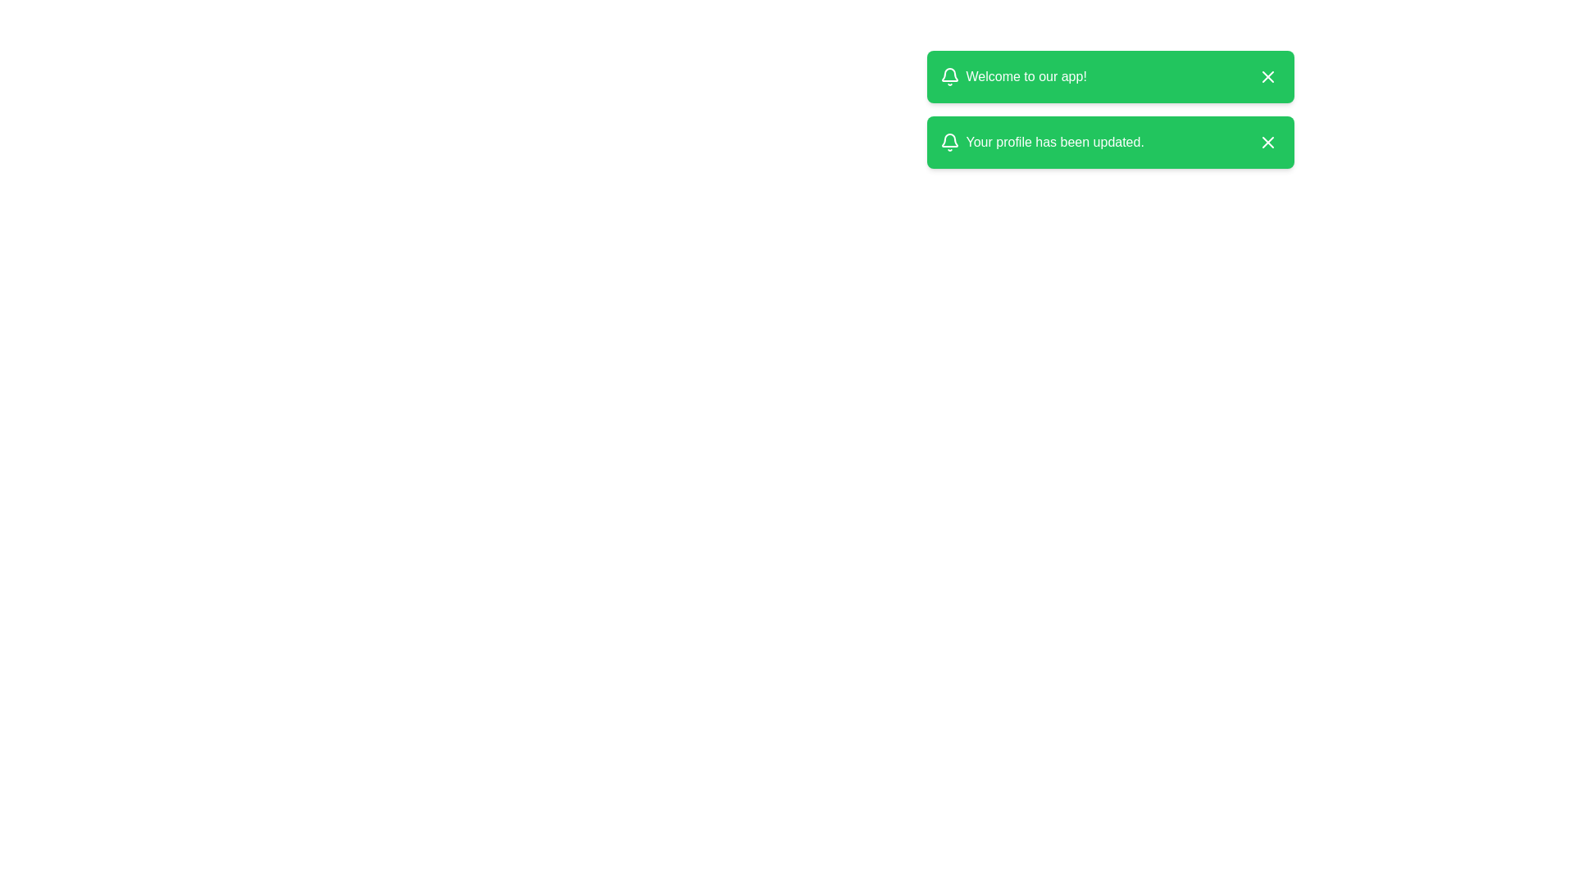  What do you see at coordinates (1267, 76) in the screenshot?
I see `the small circular icon with a white 'X' on a green background located in the top-right corner of the notification bar that reads 'Welcome to our app!'` at bounding box center [1267, 76].